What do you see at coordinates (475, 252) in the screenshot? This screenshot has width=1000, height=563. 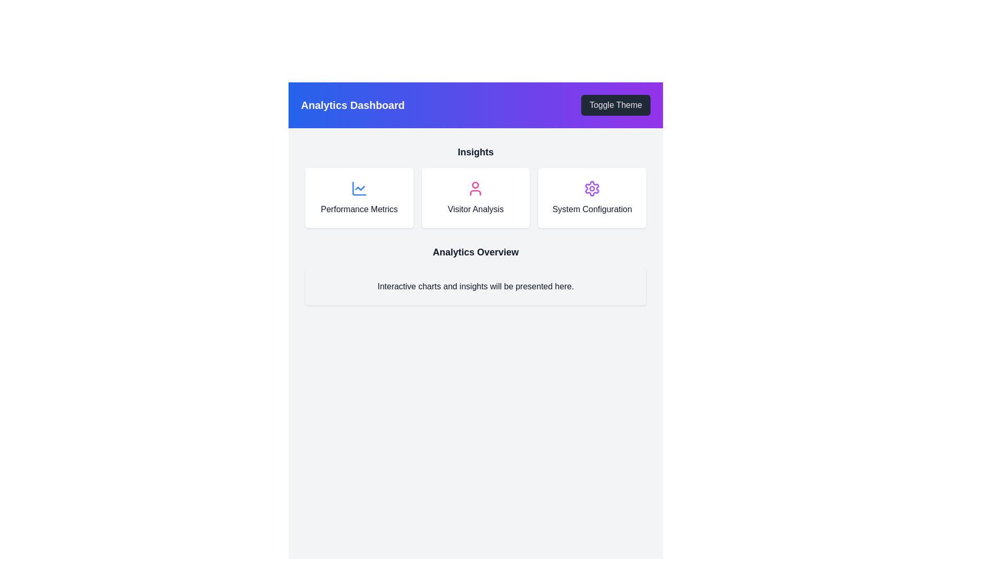 I see `text label positioned centrally beneath the cards labeled 'Performance Metrics,' 'Visitor Analysis,' and 'System Configuration' in the 'Insights' section, which introduces the content or purpose of the section` at bounding box center [475, 252].